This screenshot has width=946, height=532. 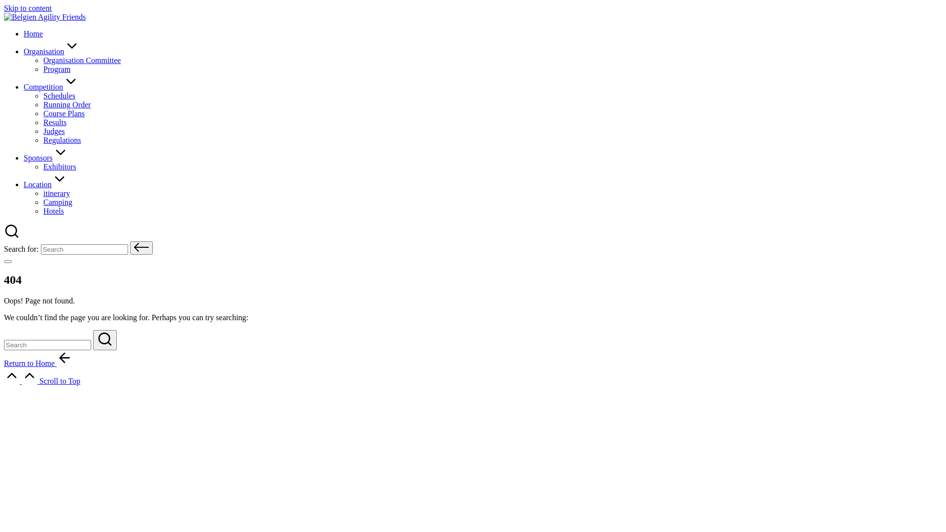 What do you see at coordinates (59, 96) in the screenshot?
I see `'Schedules'` at bounding box center [59, 96].